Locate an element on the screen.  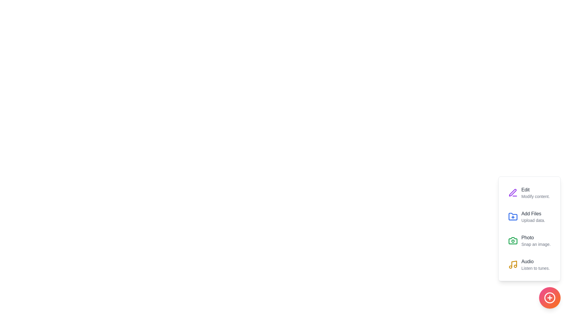
the action Photo from the menu is located at coordinates (512, 240).